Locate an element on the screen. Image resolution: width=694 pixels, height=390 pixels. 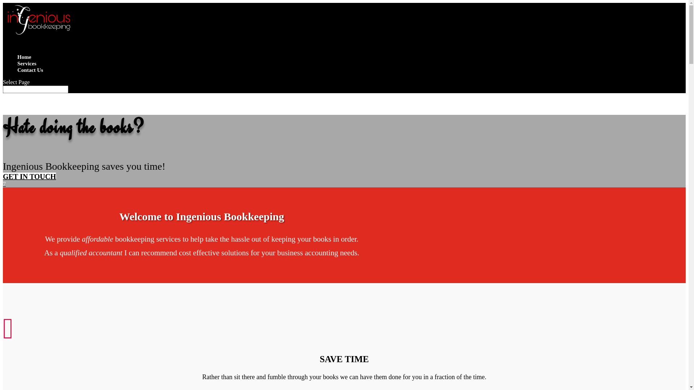
'Search for:' is located at coordinates (3, 89).